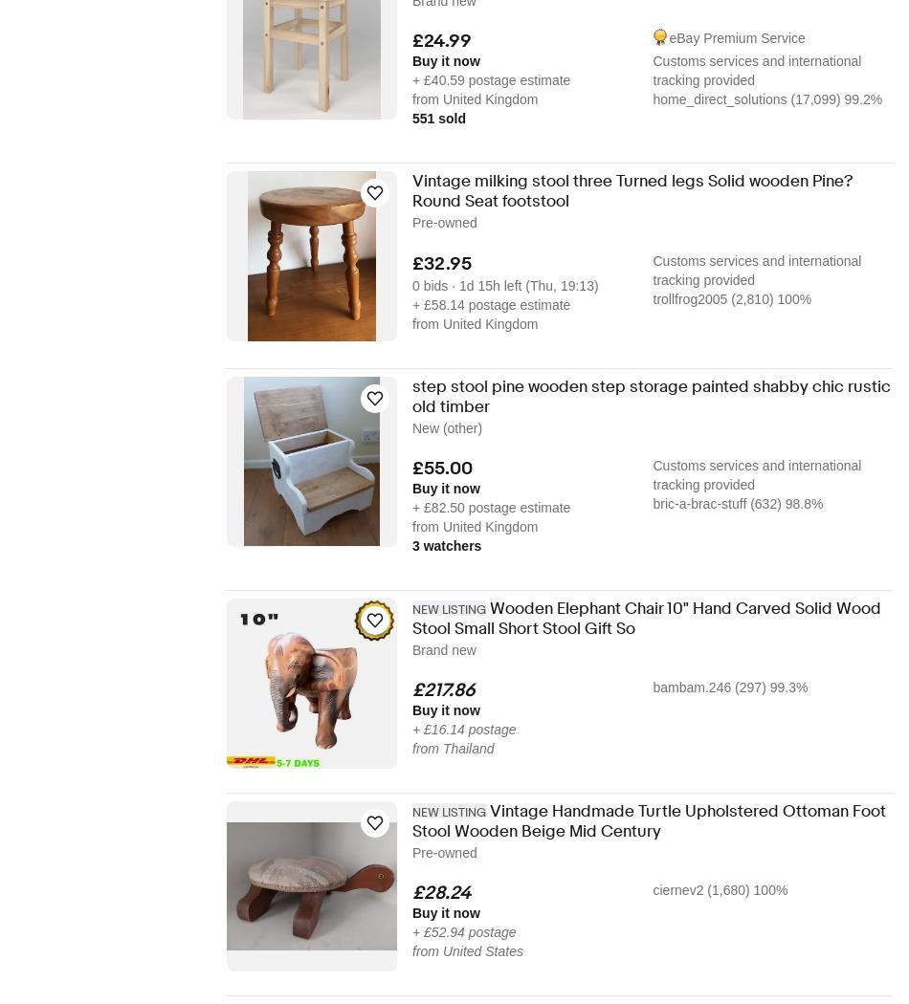 This screenshot has height=1004, width=909. What do you see at coordinates (765, 98) in the screenshot?
I see `'home_direct_solutions (17,099) 99.2%'` at bounding box center [765, 98].